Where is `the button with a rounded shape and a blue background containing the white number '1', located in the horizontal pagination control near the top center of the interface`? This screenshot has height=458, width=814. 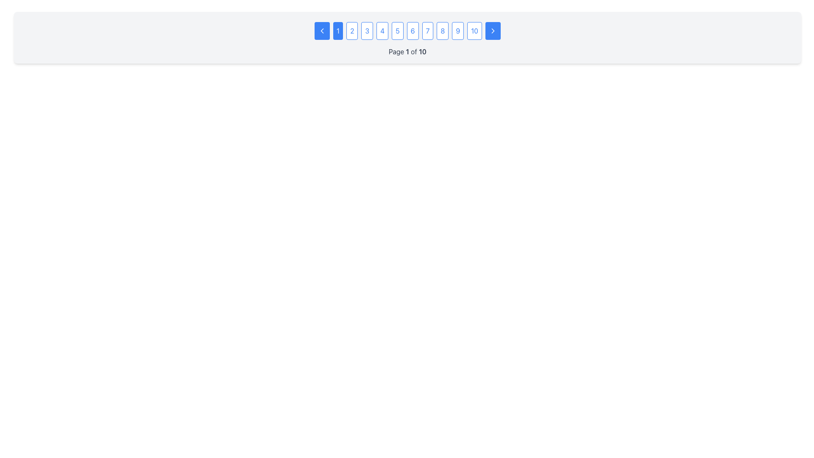 the button with a rounded shape and a blue background containing the white number '1', located in the horizontal pagination control near the top center of the interface is located at coordinates (337, 31).